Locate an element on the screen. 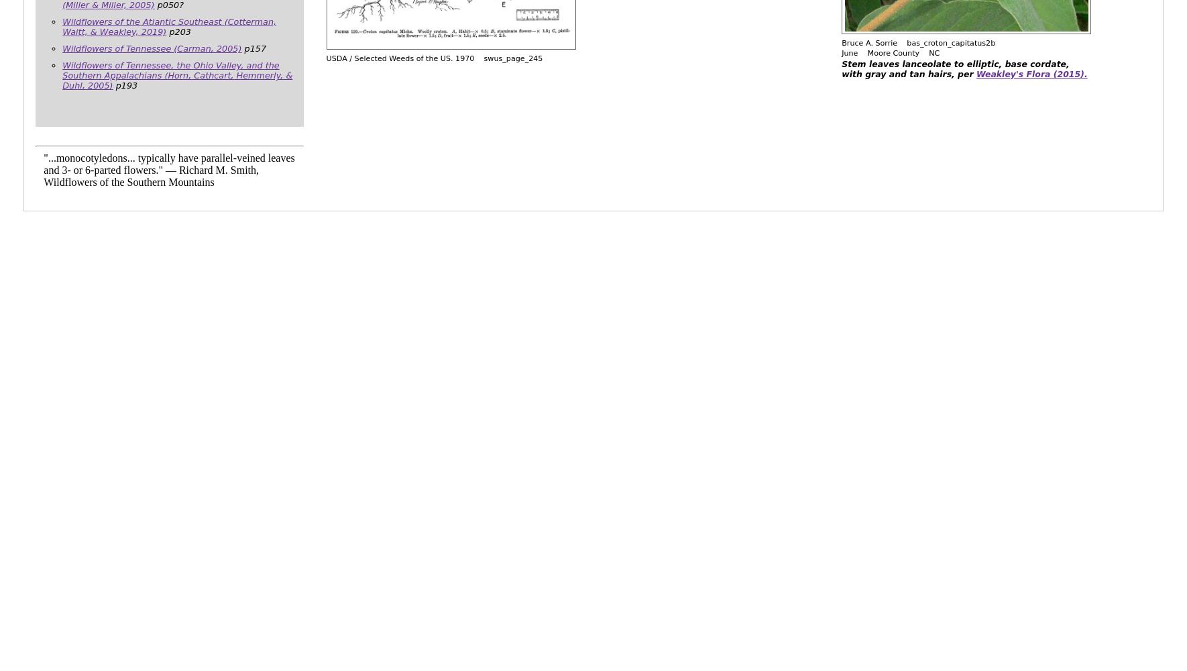  'USDA / Selected Weeds of the US. 1970    swus_page_245' is located at coordinates (433, 57).